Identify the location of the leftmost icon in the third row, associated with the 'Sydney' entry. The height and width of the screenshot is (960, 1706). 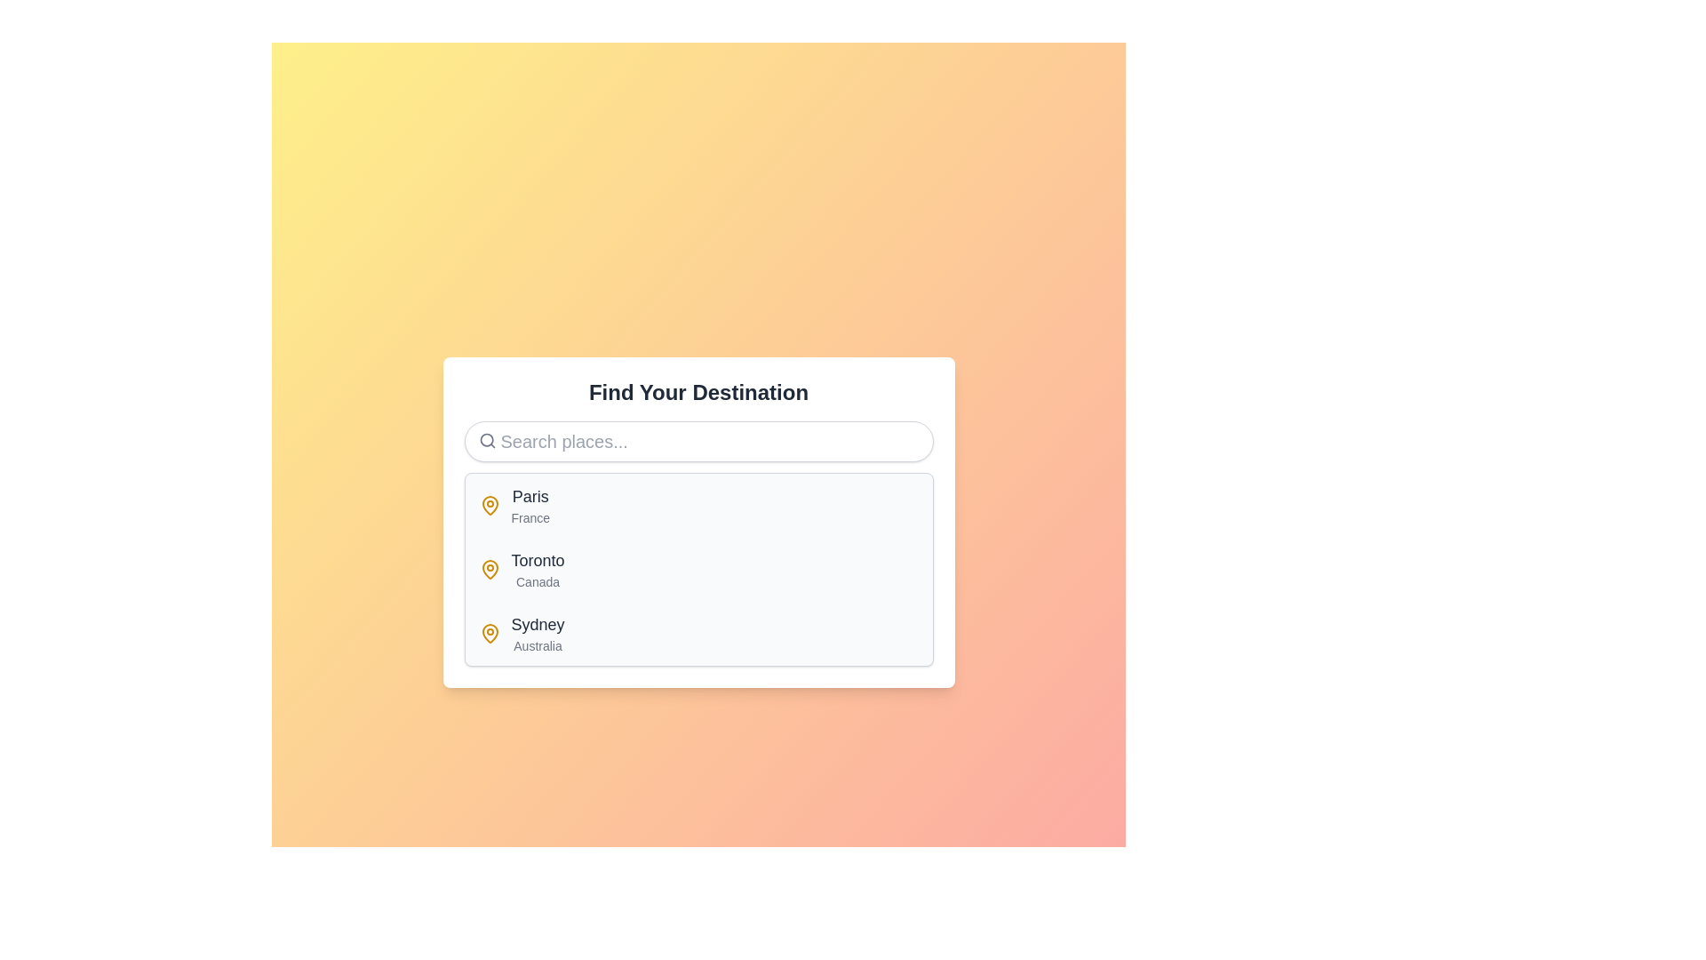
(490, 633).